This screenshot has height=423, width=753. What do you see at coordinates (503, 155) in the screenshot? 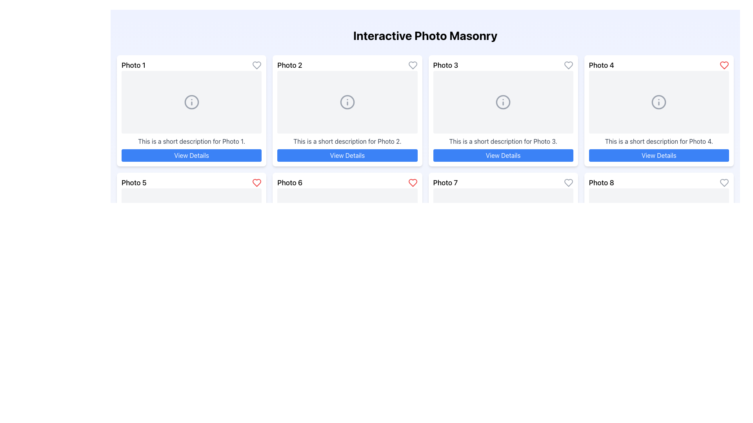
I see `the button located in the 'Photo 3' card in the top row, third column from the left` at bounding box center [503, 155].